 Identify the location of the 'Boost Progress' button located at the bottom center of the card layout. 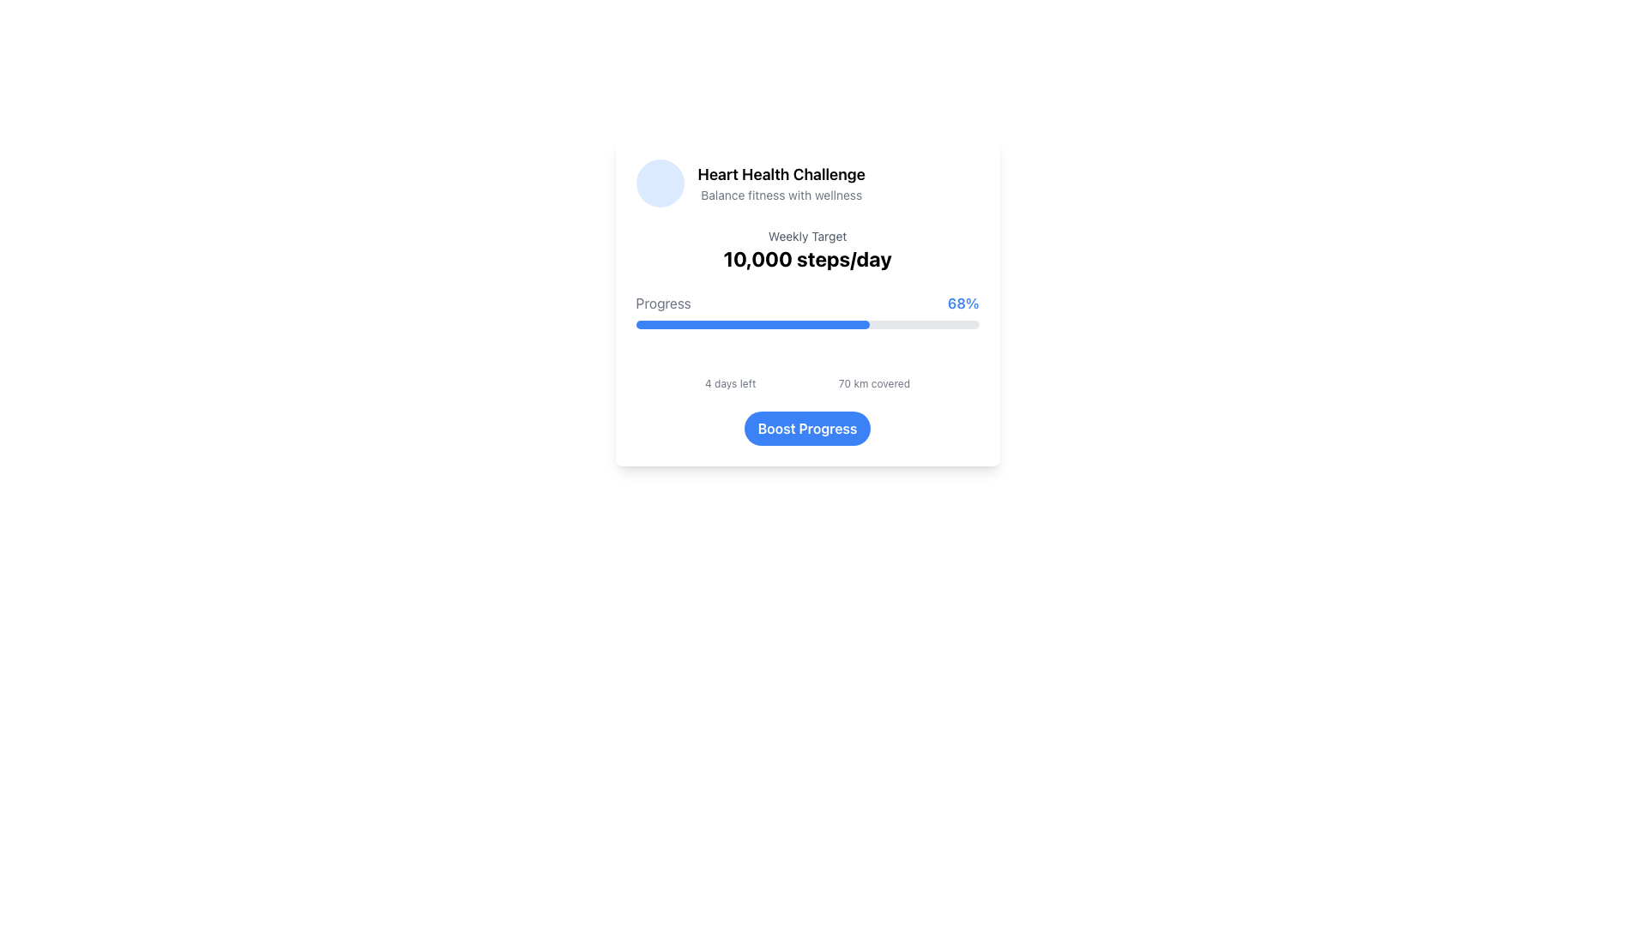
(806, 428).